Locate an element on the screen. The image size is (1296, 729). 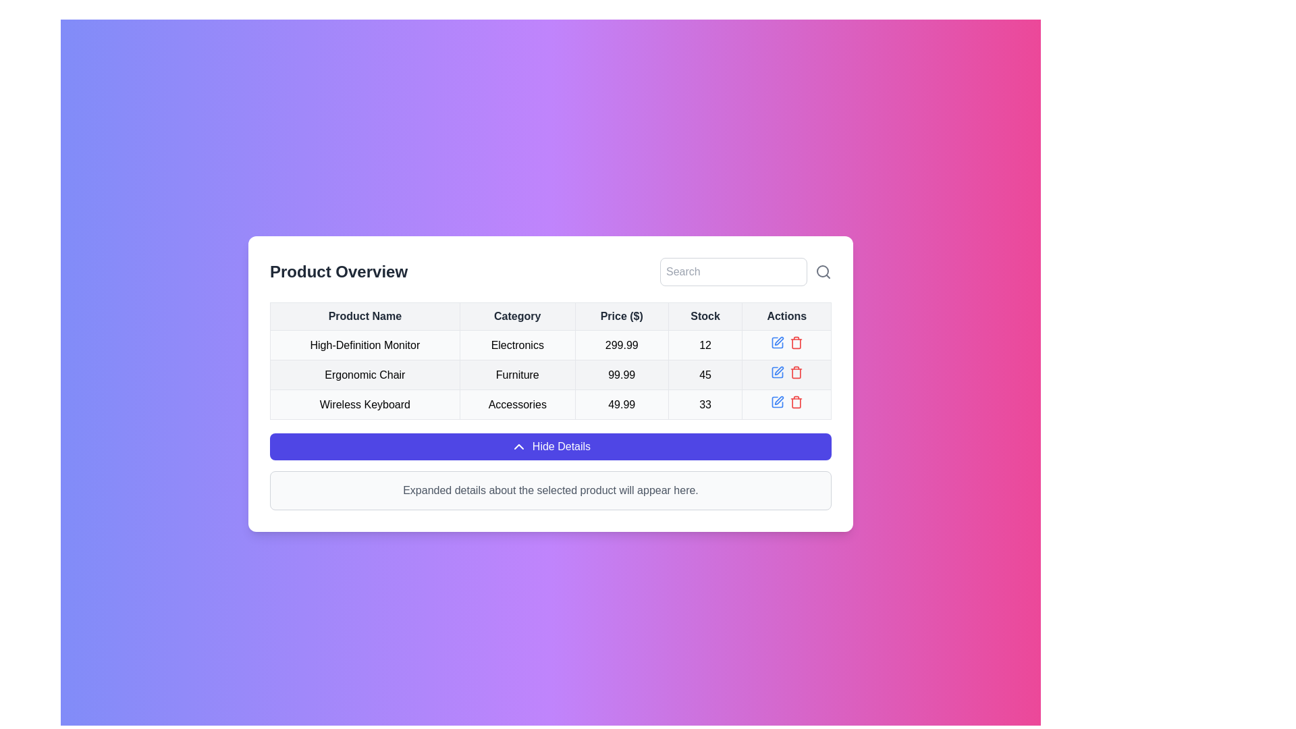
the Table Header Cell that labels the first column of the table, located at the upper-left corner of the table structure is located at coordinates (364, 317).